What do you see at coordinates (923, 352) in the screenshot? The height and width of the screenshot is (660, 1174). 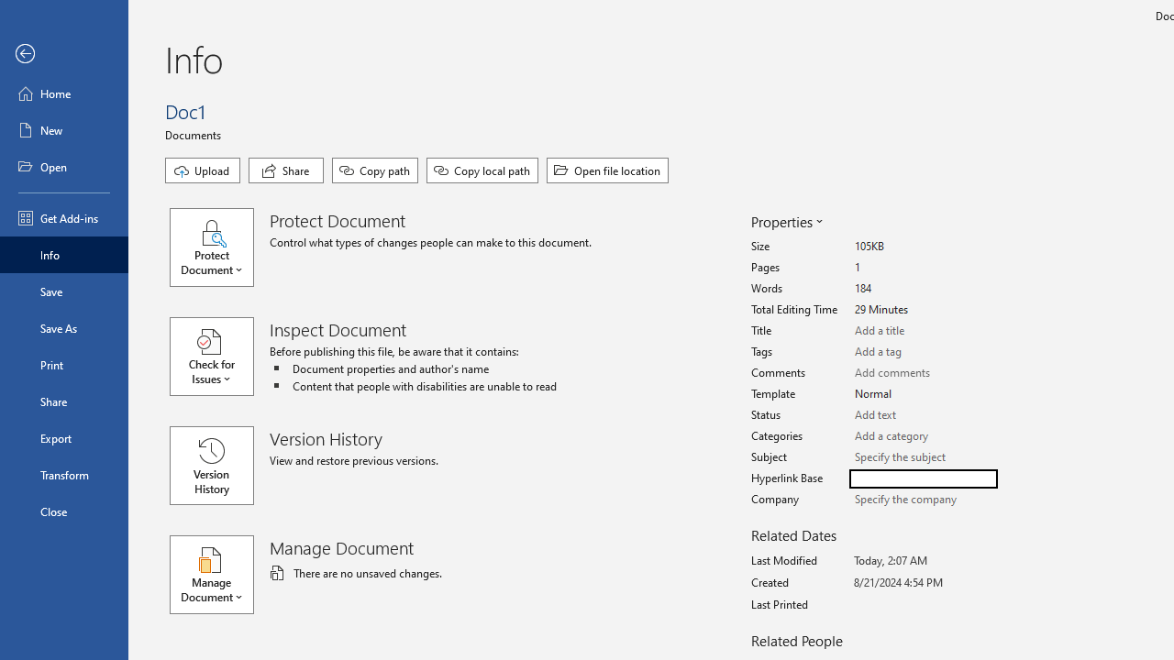 I see `'Tags'` at bounding box center [923, 352].